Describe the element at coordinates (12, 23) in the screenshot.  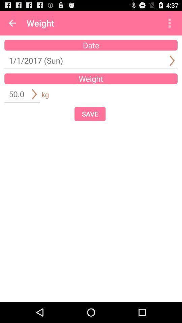
I see `icon above date item` at that location.